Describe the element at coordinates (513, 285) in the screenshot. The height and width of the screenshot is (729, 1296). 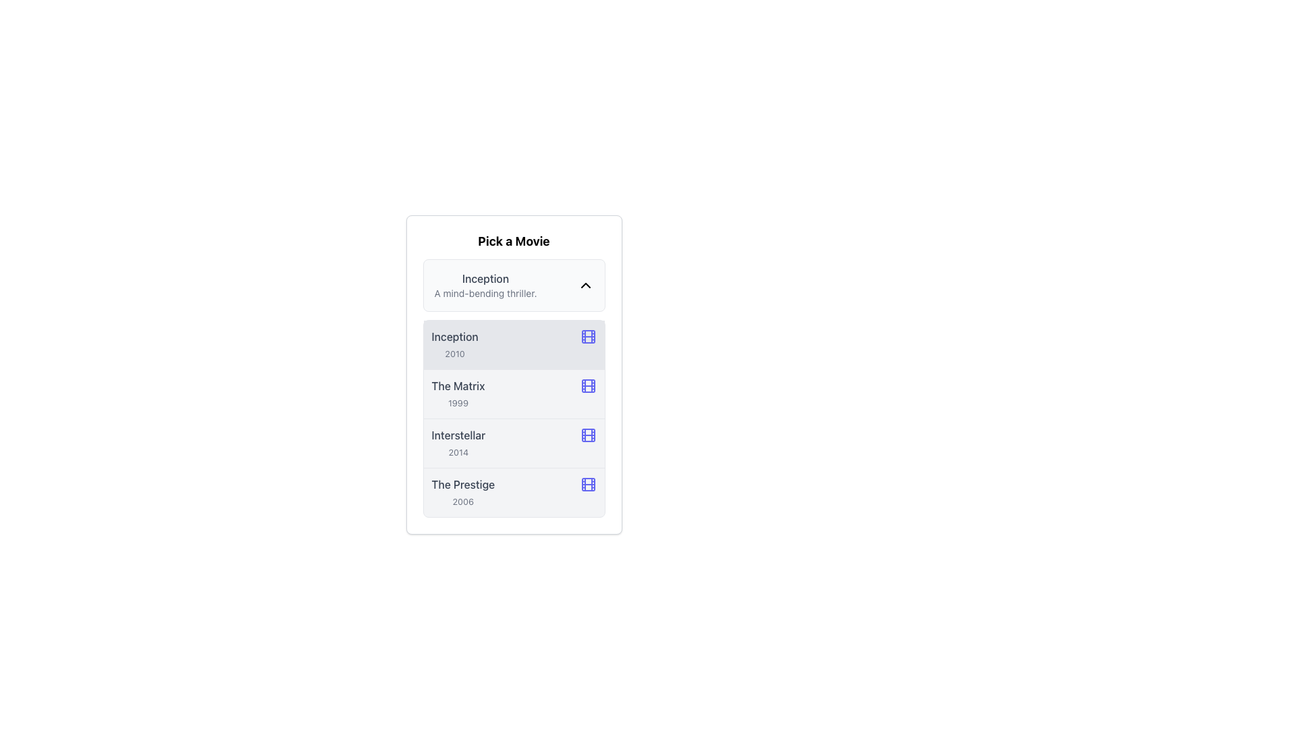
I see `the selectable item representing the movie 'Inception' in the dropdown list located beneath the title 'Pick a Movie'` at that location.